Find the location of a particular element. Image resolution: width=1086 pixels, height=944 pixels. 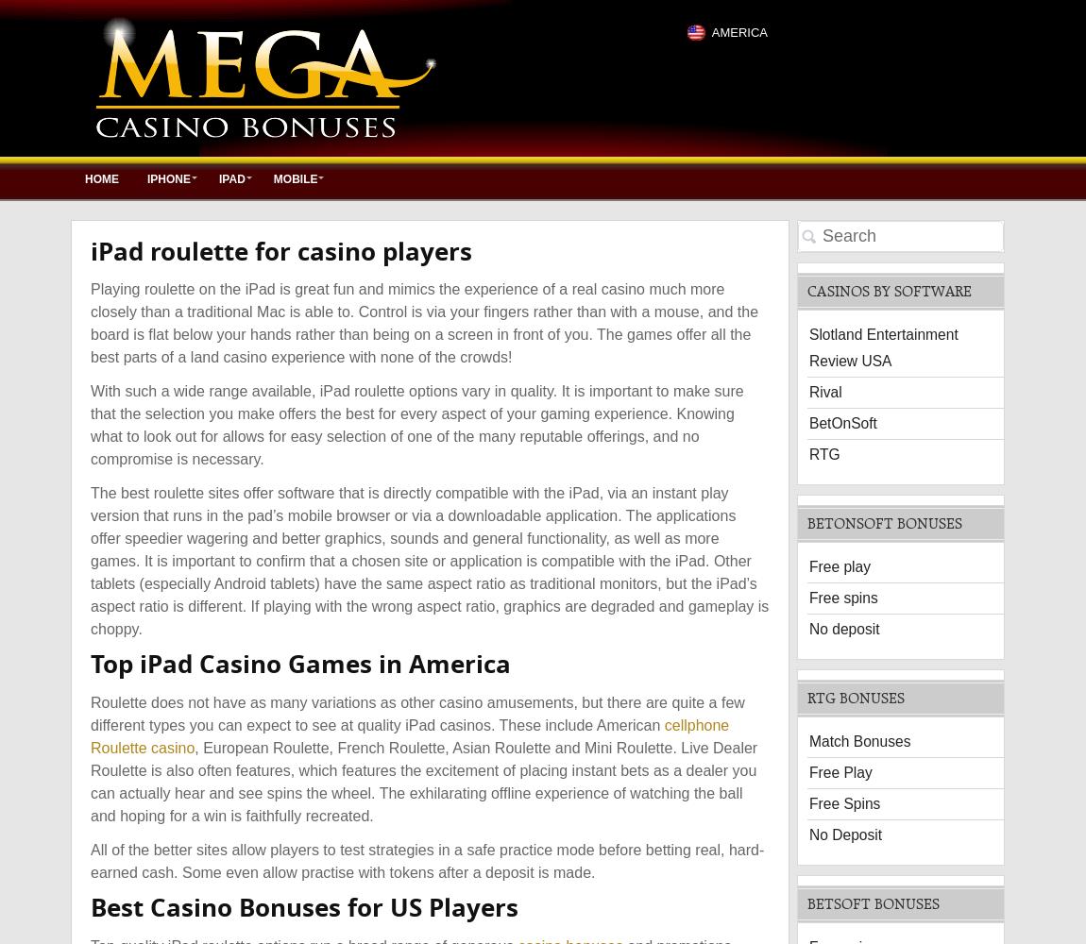

'RTG BONUSES' is located at coordinates (856, 696).